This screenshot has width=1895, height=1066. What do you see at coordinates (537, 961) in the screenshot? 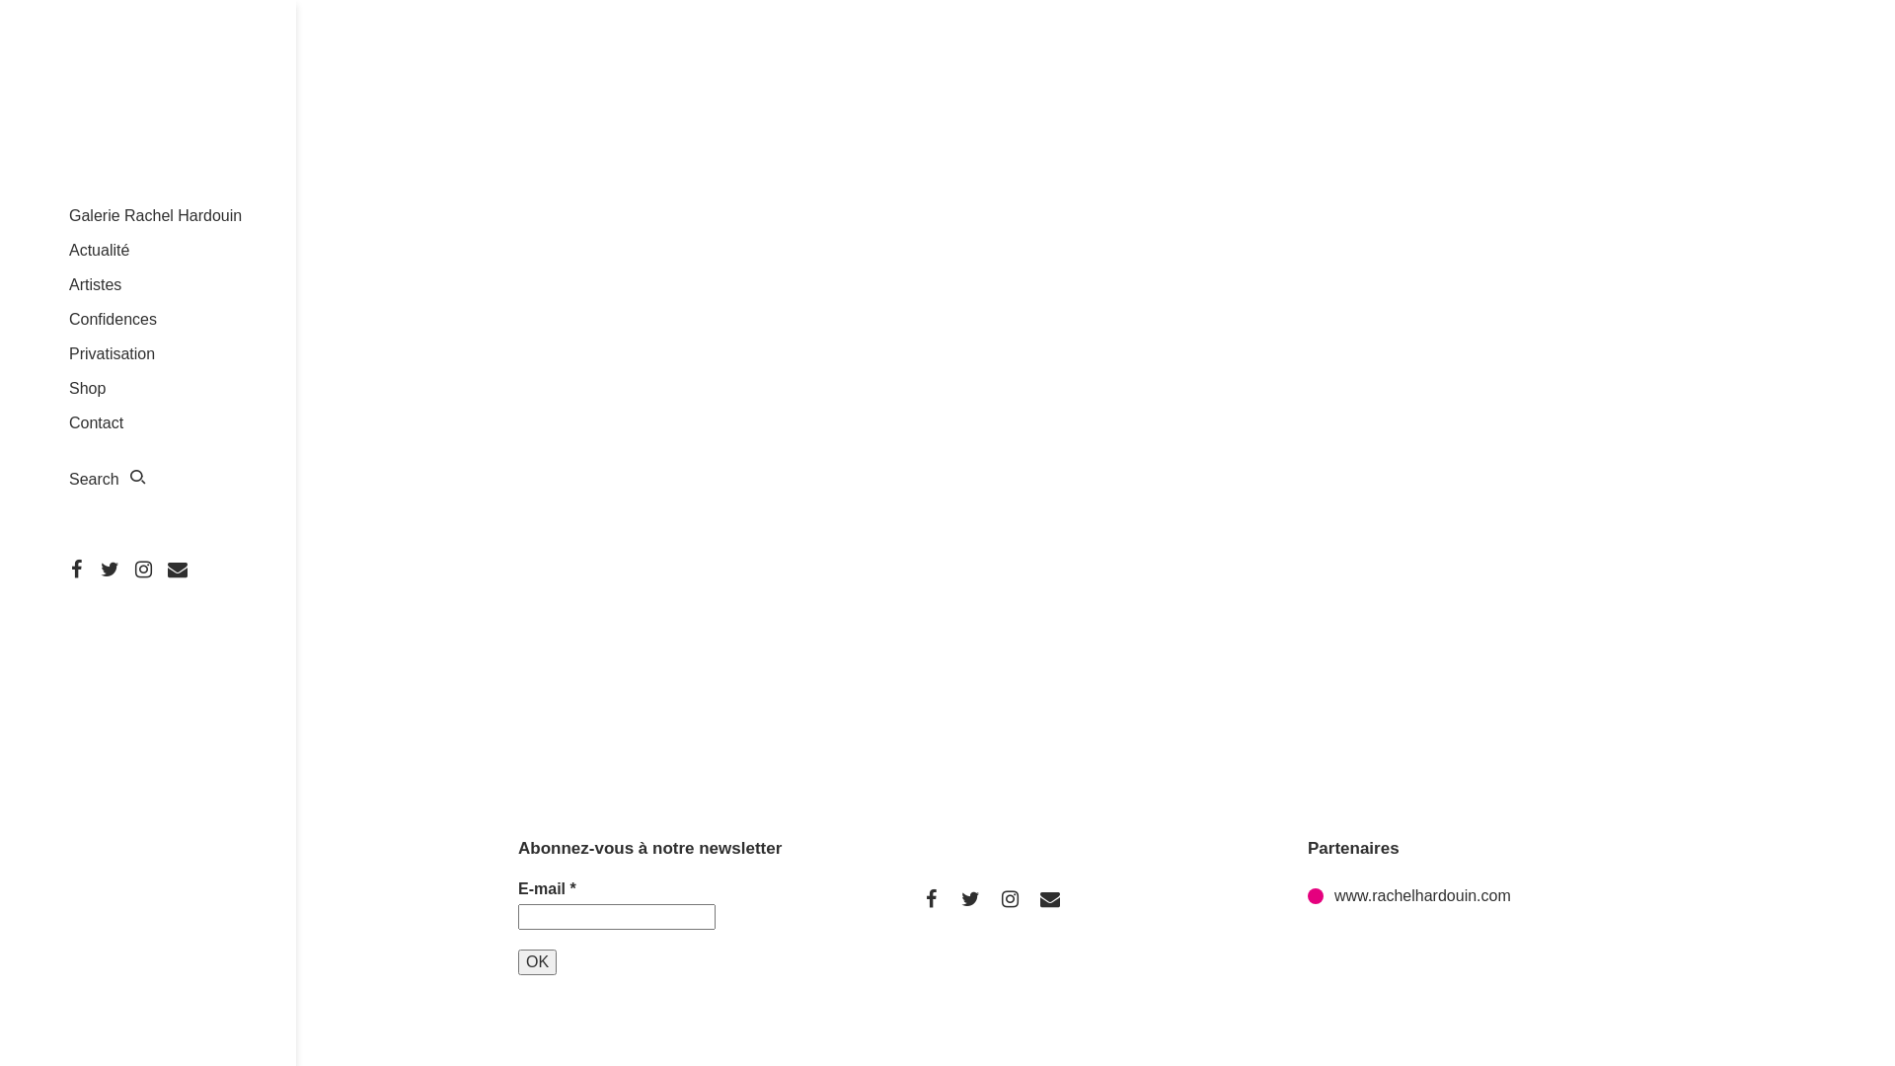
I see `'OK'` at bounding box center [537, 961].